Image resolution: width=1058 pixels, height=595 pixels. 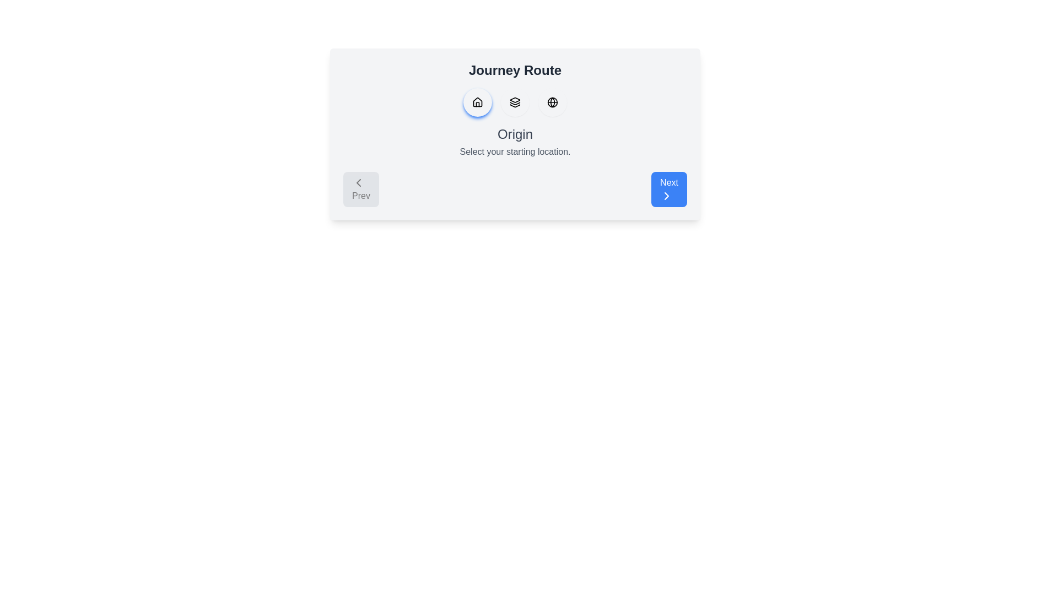 I want to click on the circular stroke representing the outer rim of the globe icon, which is the second icon from the left in the horizontal row of icons on the upper part of the card, so click(x=553, y=102).